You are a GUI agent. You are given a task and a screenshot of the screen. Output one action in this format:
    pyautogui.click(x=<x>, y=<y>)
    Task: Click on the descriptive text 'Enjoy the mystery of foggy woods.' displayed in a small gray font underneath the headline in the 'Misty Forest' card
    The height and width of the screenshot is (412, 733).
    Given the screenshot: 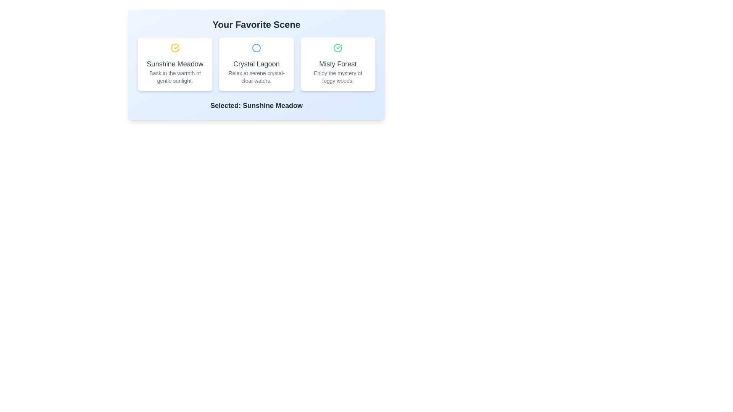 What is the action you would take?
    pyautogui.click(x=337, y=77)
    